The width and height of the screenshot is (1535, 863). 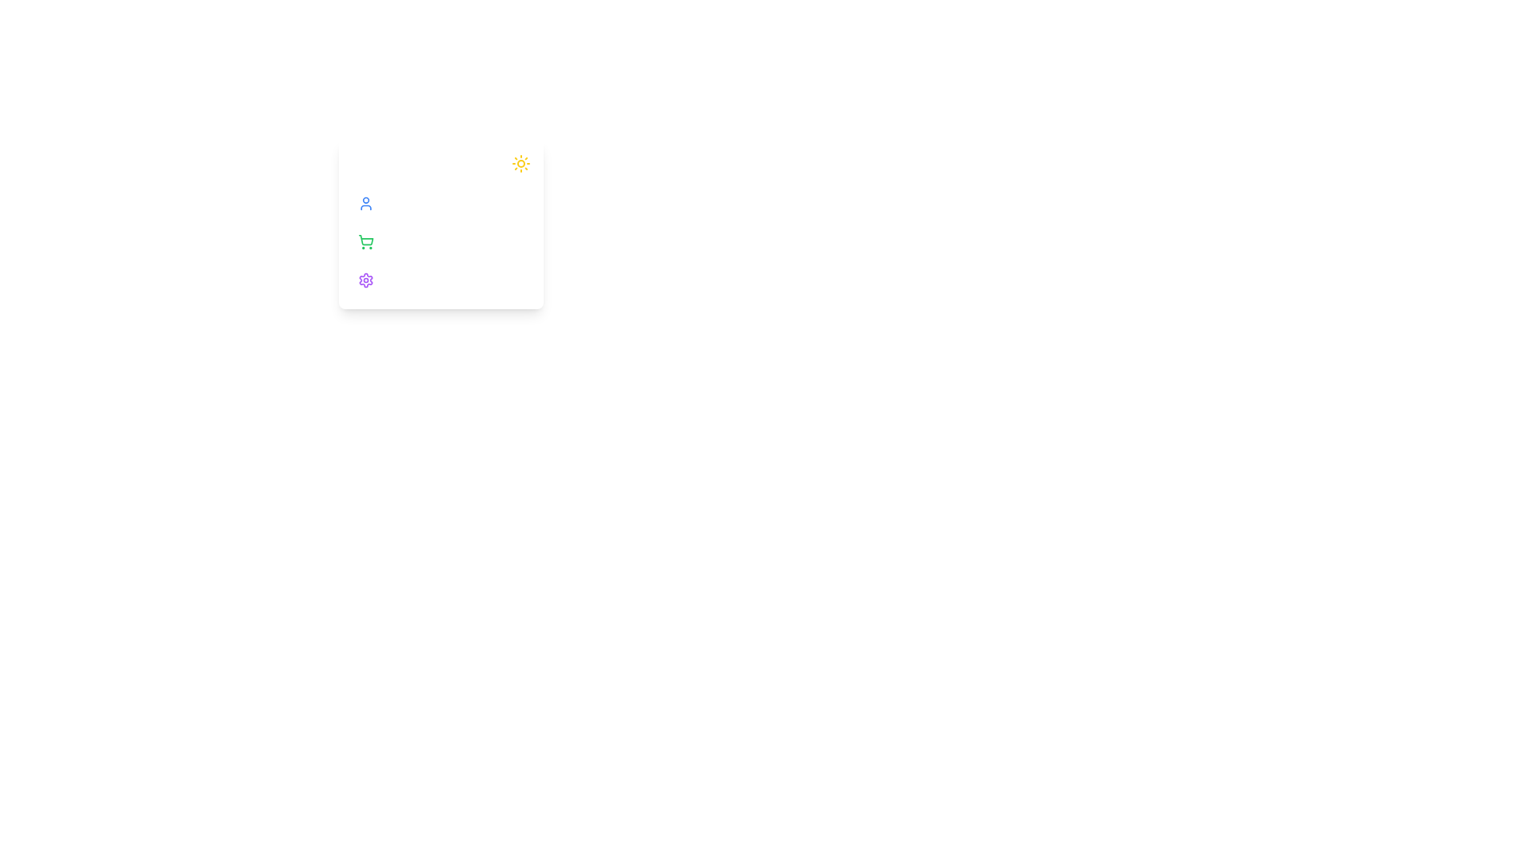 What do you see at coordinates (441, 280) in the screenshot?
I see `the sidebar option Settings` at bounding box center [441, 280].